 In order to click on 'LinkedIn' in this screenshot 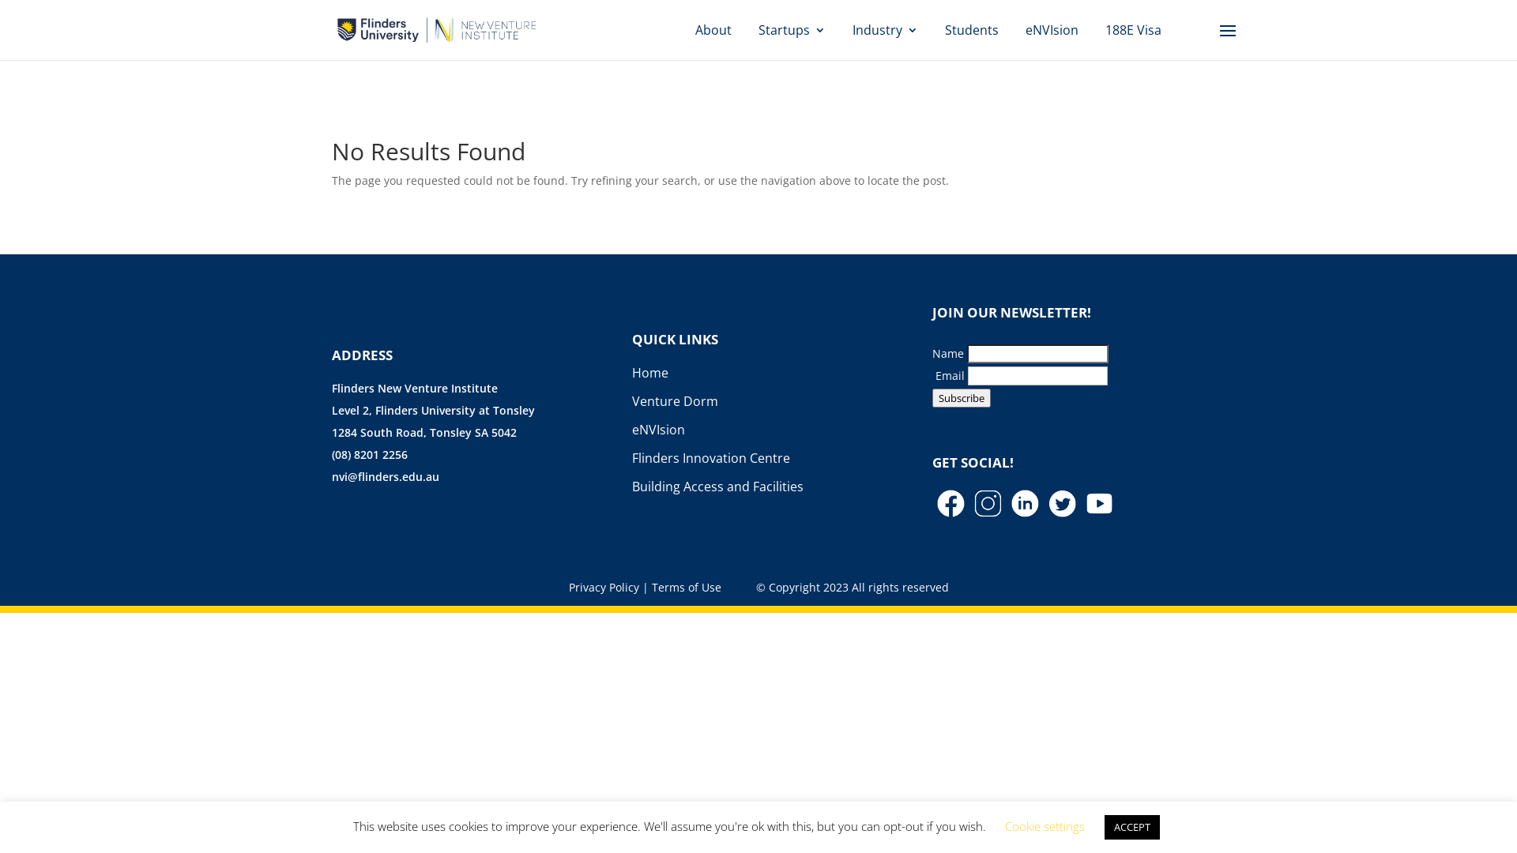, I will do `click(1025, 503)`.